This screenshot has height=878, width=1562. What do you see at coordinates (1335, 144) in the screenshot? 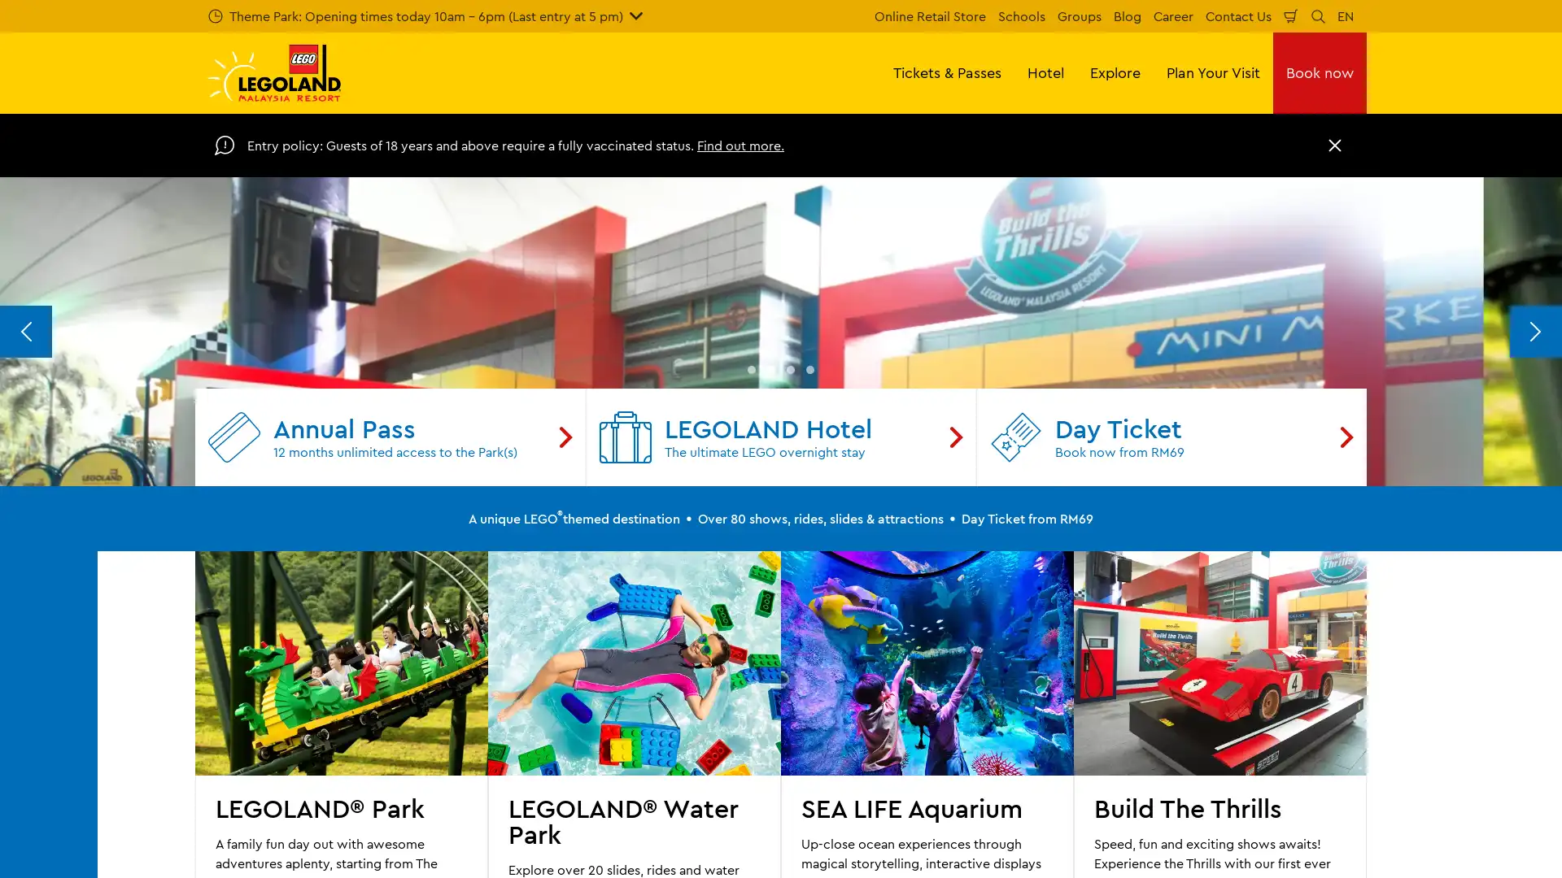
I see `Close` at bounding box center [1335, 144].